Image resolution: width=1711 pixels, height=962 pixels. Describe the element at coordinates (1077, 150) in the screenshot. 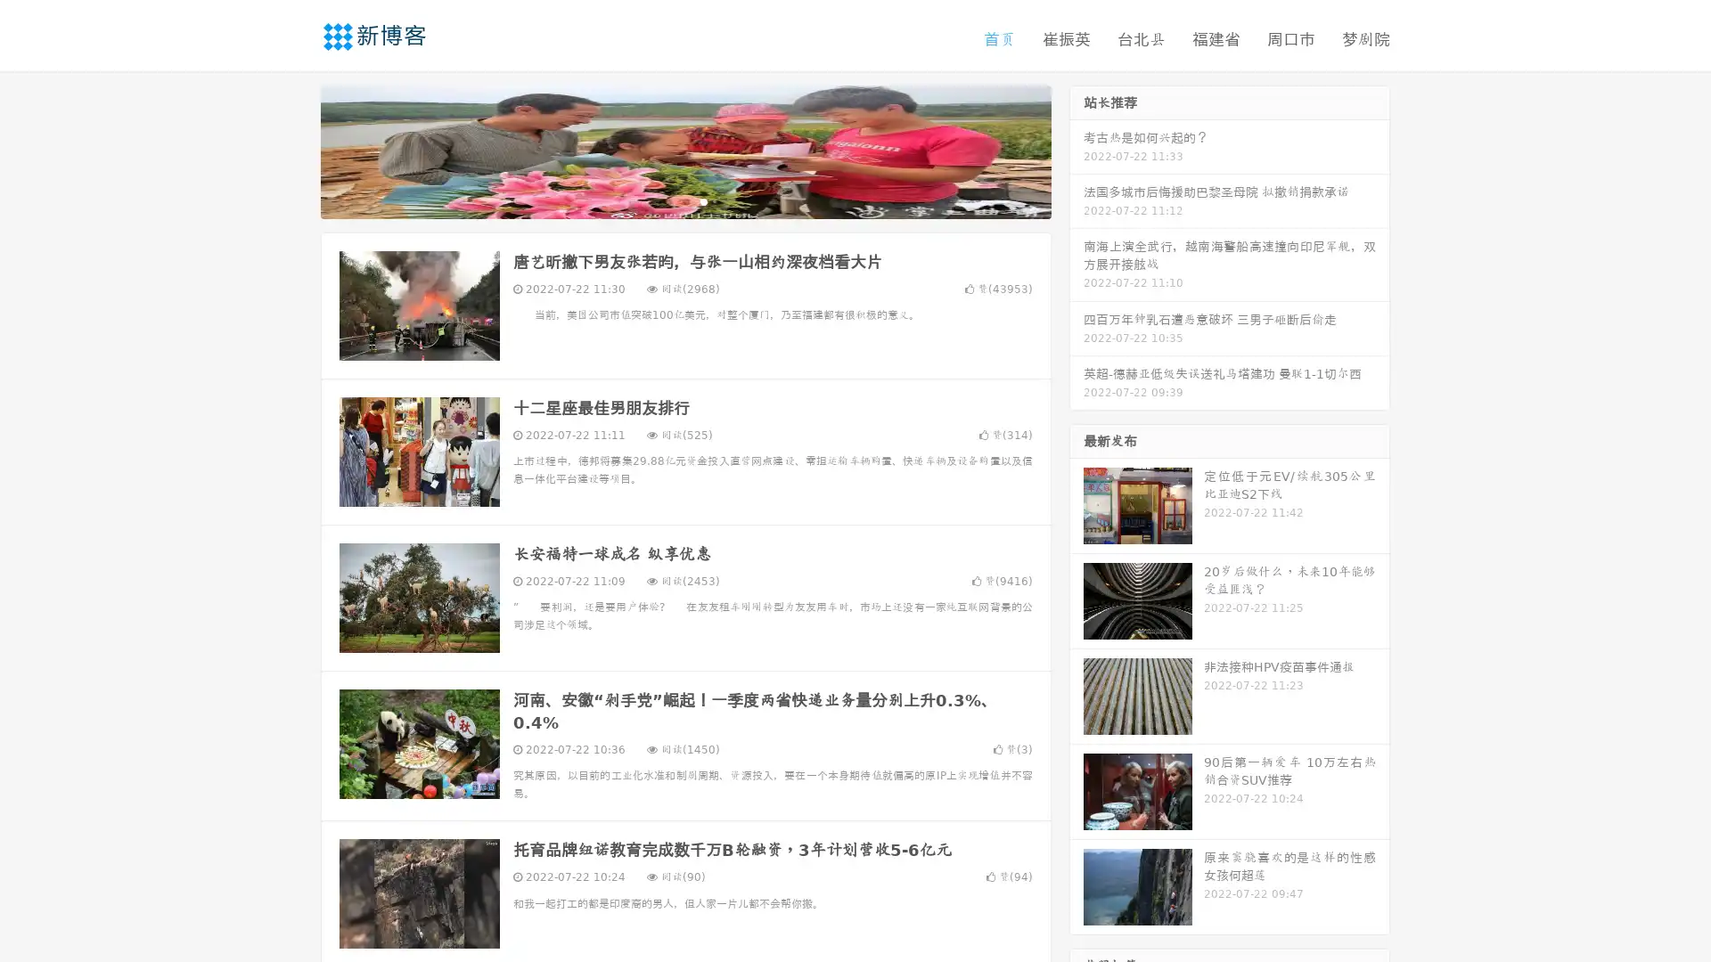

I see `Next slide` at that location.